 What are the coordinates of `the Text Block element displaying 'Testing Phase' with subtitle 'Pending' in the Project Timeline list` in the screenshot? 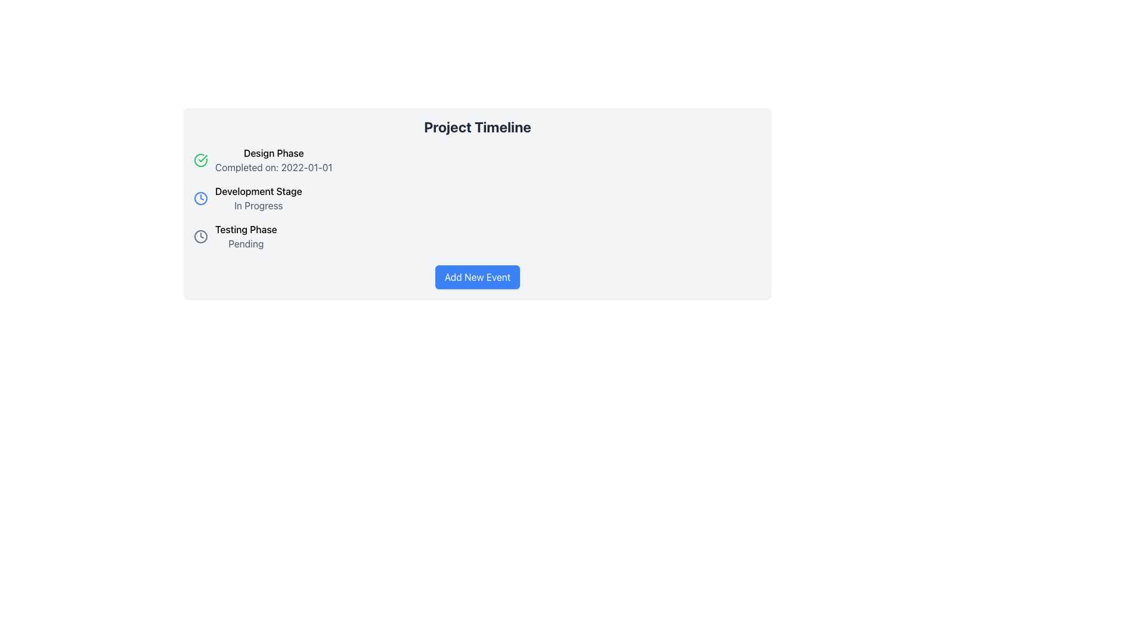 It's located at (245, 237).